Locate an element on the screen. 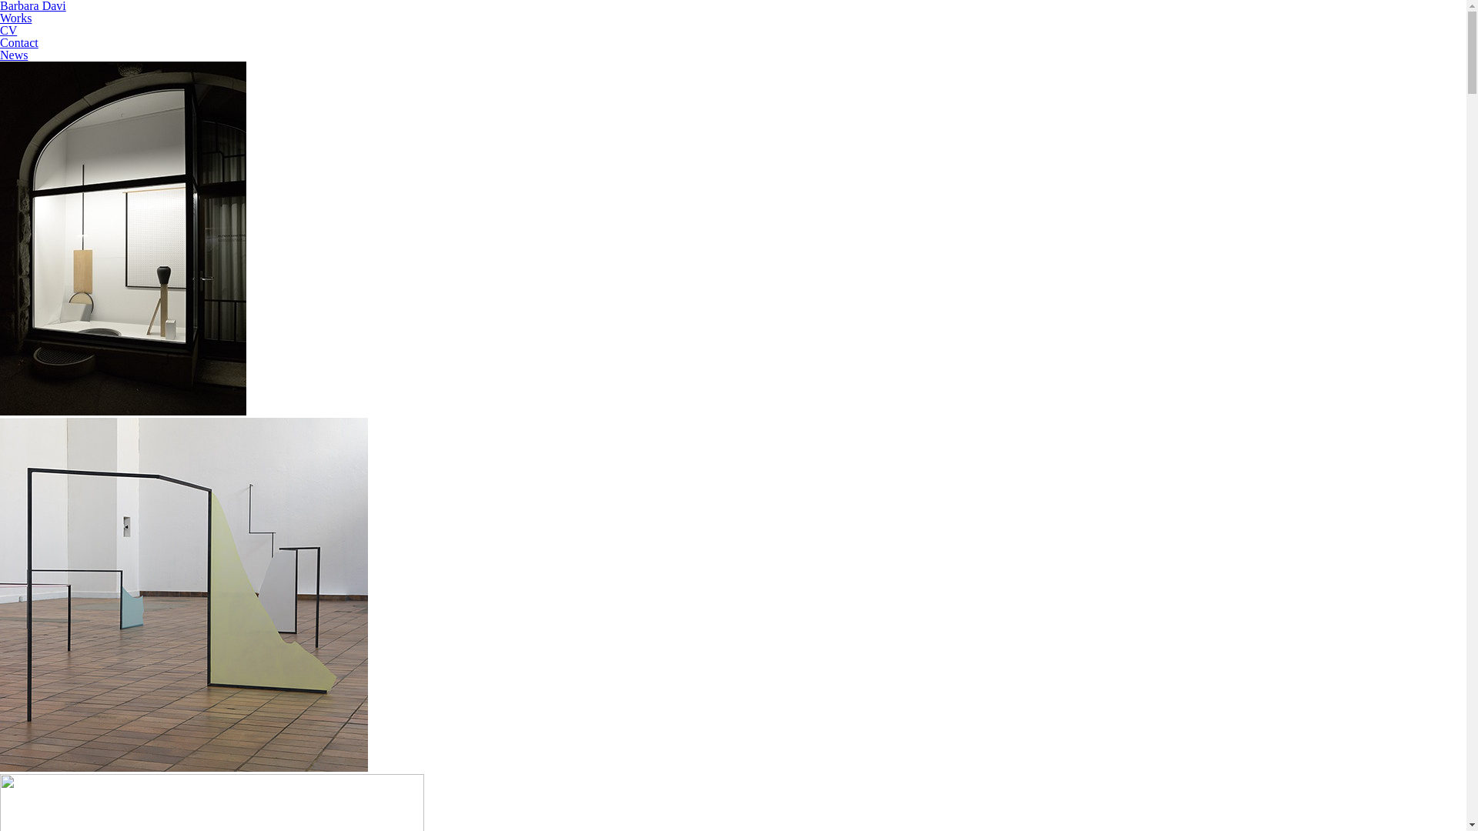 The width and height of the screenshot is (1478, 831). 'CV' is located at coordinates (0, 30).